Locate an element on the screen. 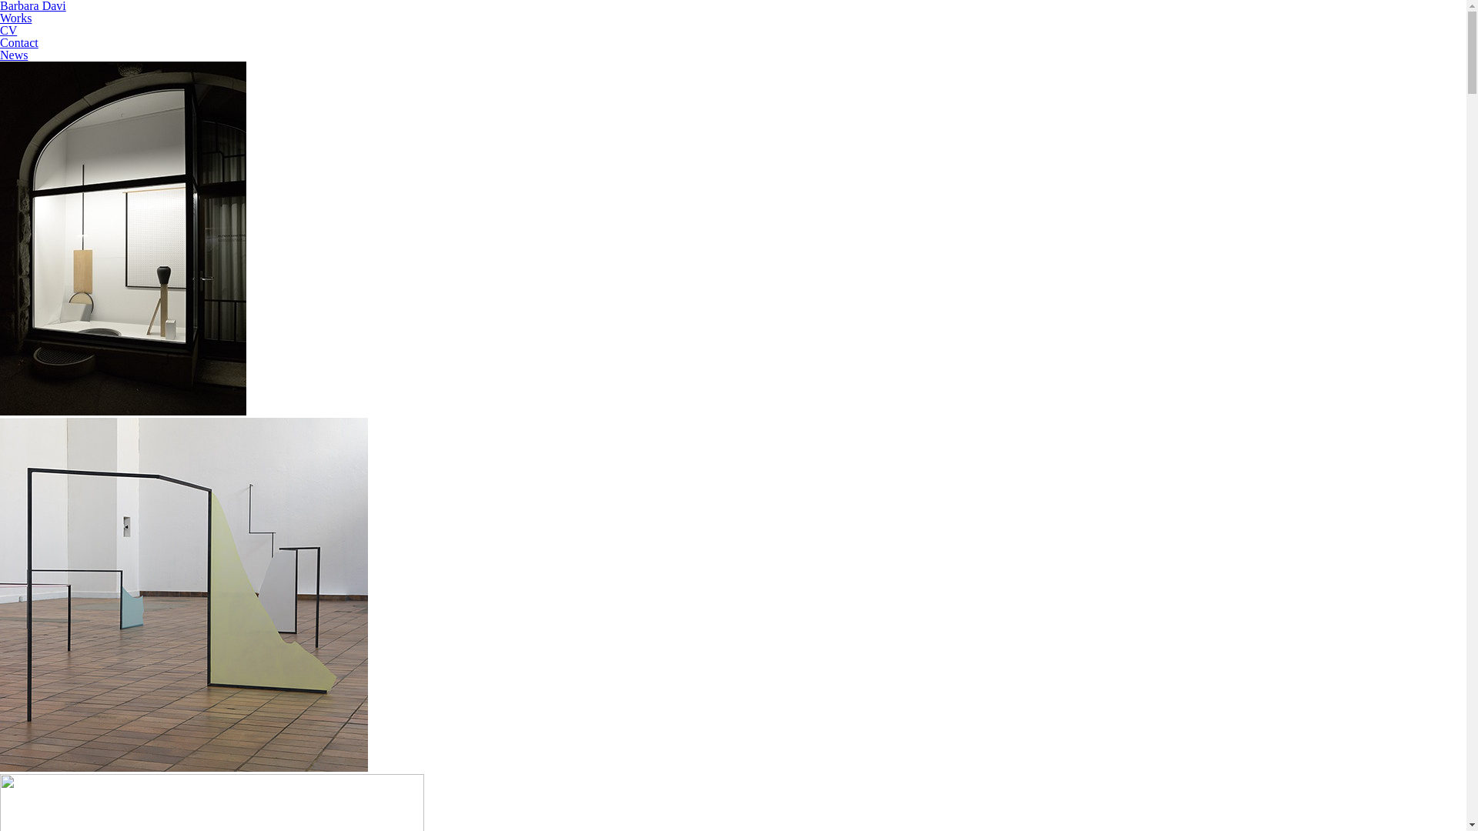 The width and height of the screenshot is (1478, 831). 'CV' is located at coordinates (0, 30).